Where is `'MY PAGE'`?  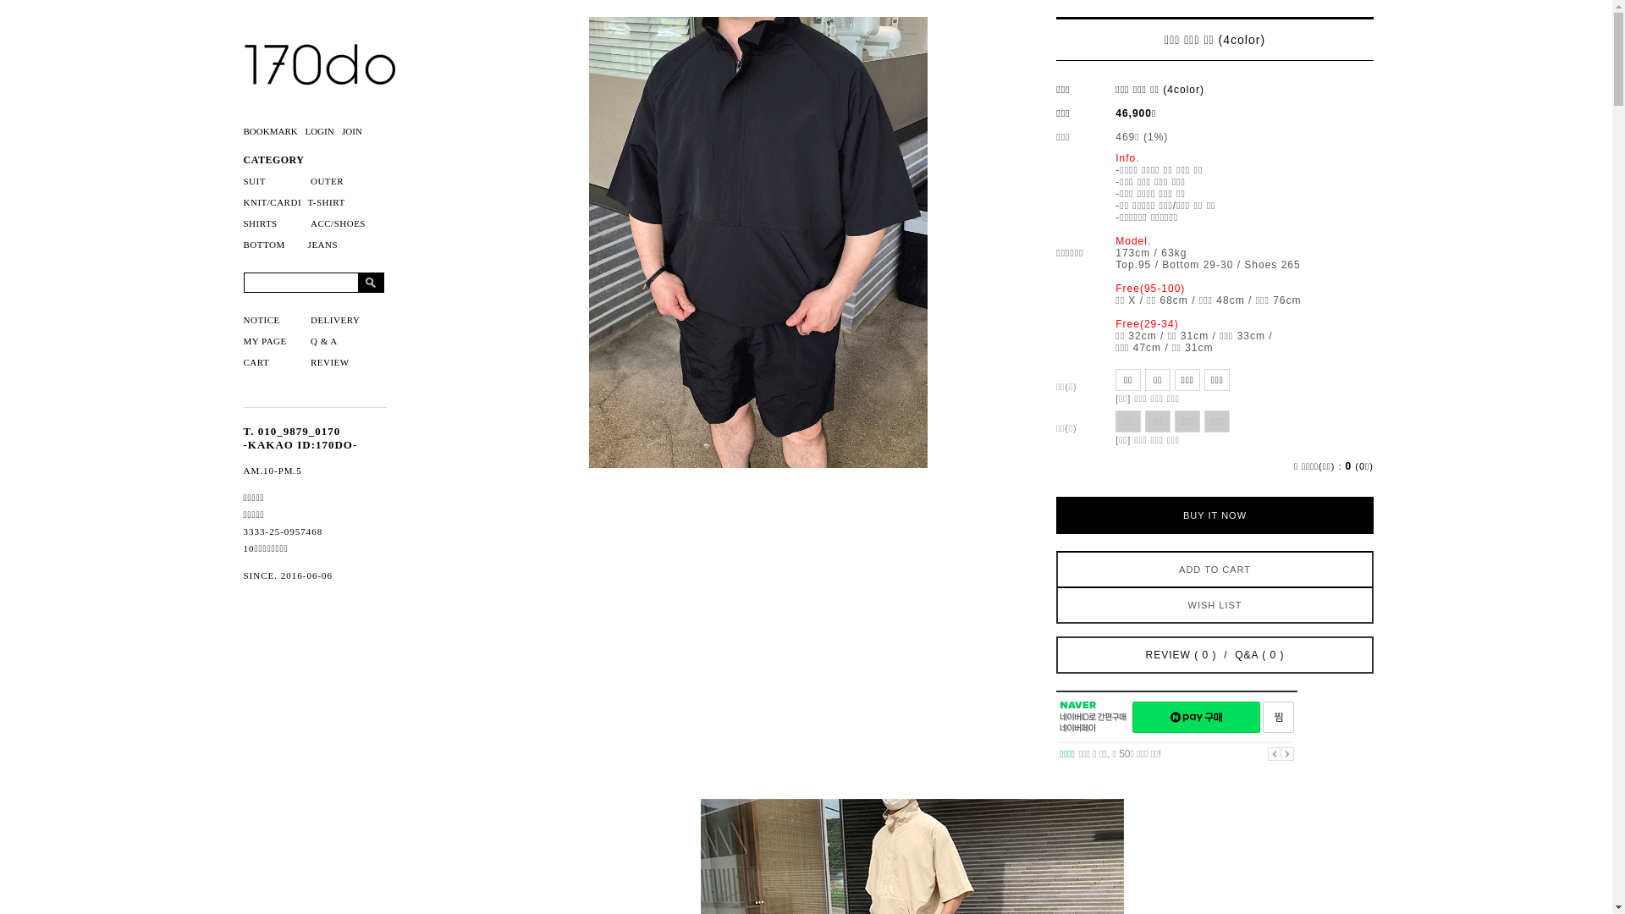 'MY PAGE' is located at coordinates (264, 340).